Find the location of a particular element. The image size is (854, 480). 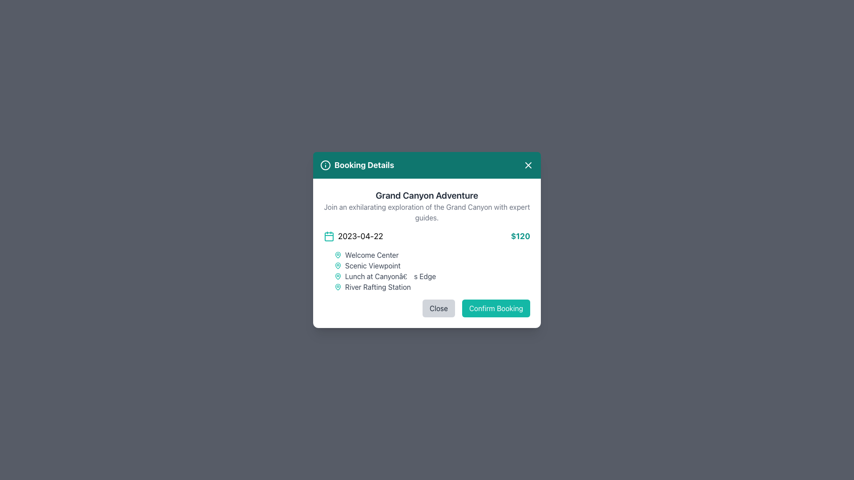

text of the third list item in the booking summary, which provides details about an itinerary or stop point, located between 'Scenic Viewpoint' and 'River Rafting Station' is located at coordinates (432, 276).